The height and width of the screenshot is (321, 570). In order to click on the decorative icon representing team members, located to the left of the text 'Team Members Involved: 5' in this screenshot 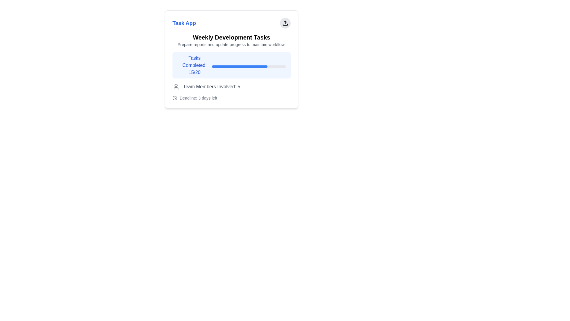, I will do `click(176, 87)`.